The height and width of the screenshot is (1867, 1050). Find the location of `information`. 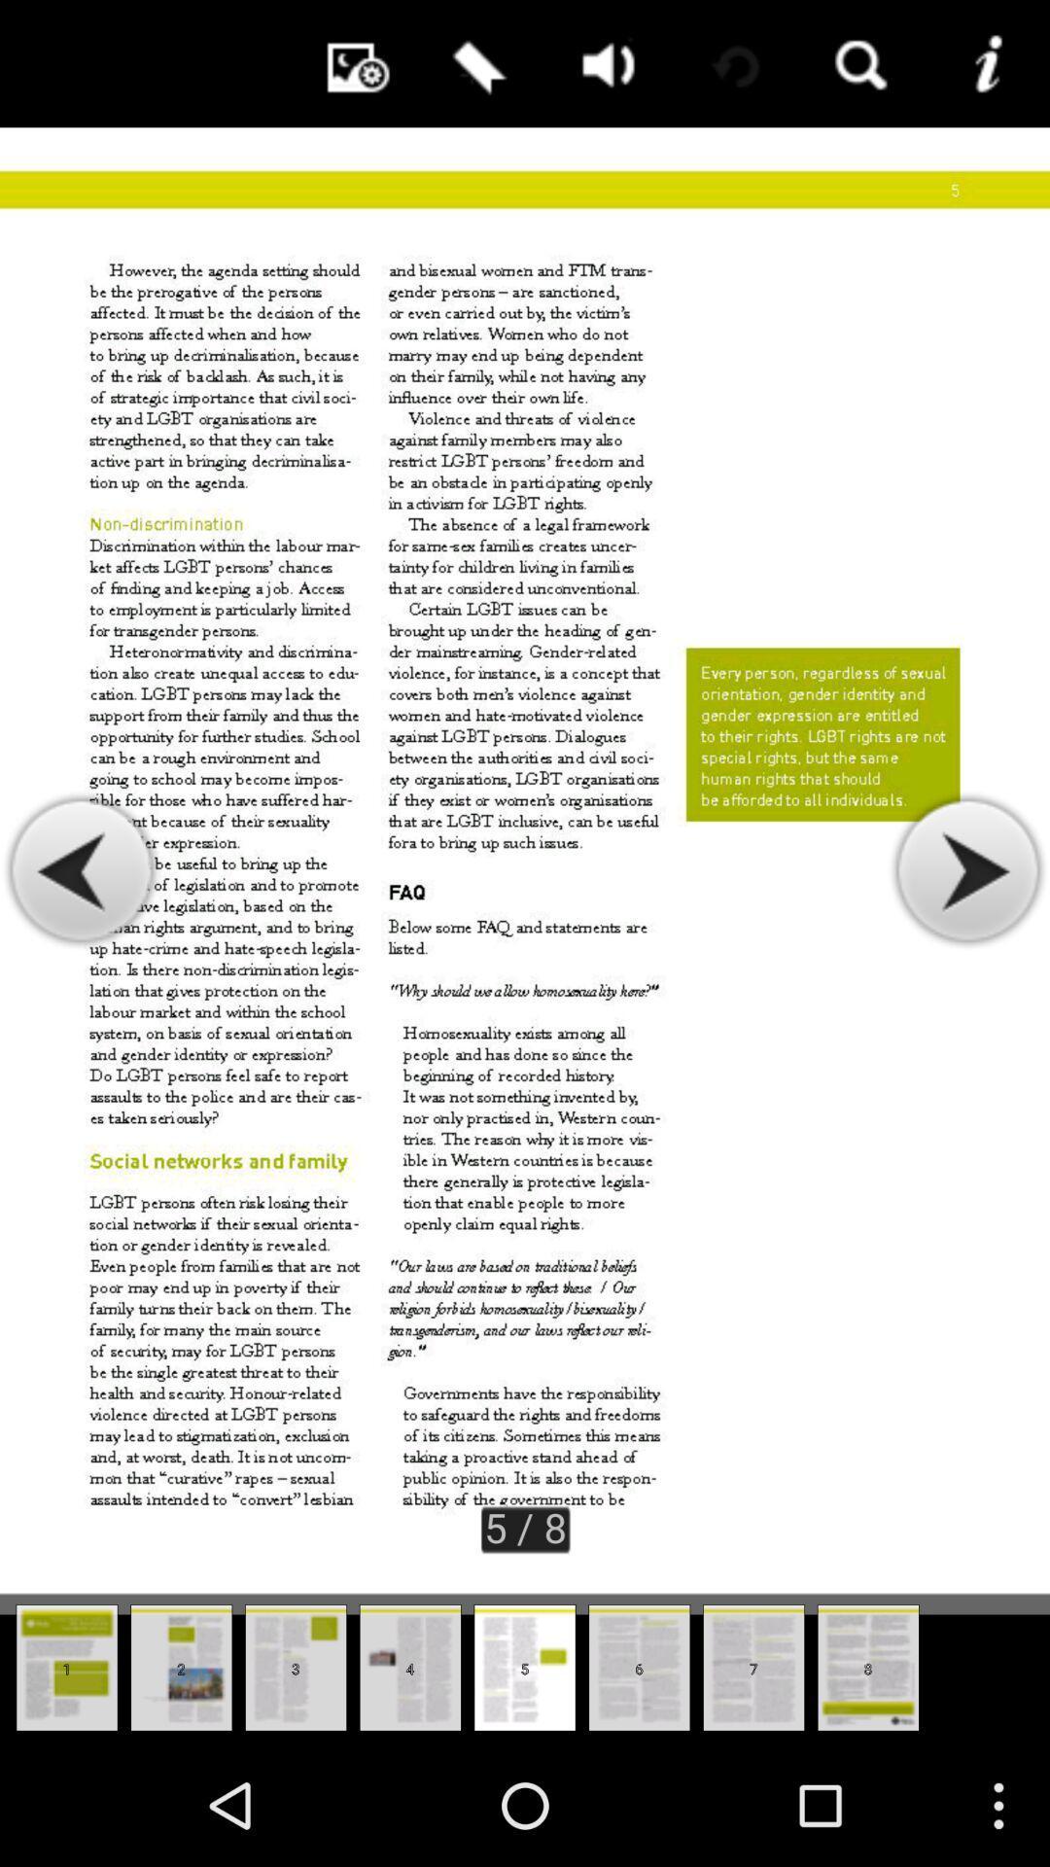

information is located at coordinates (986, 63).